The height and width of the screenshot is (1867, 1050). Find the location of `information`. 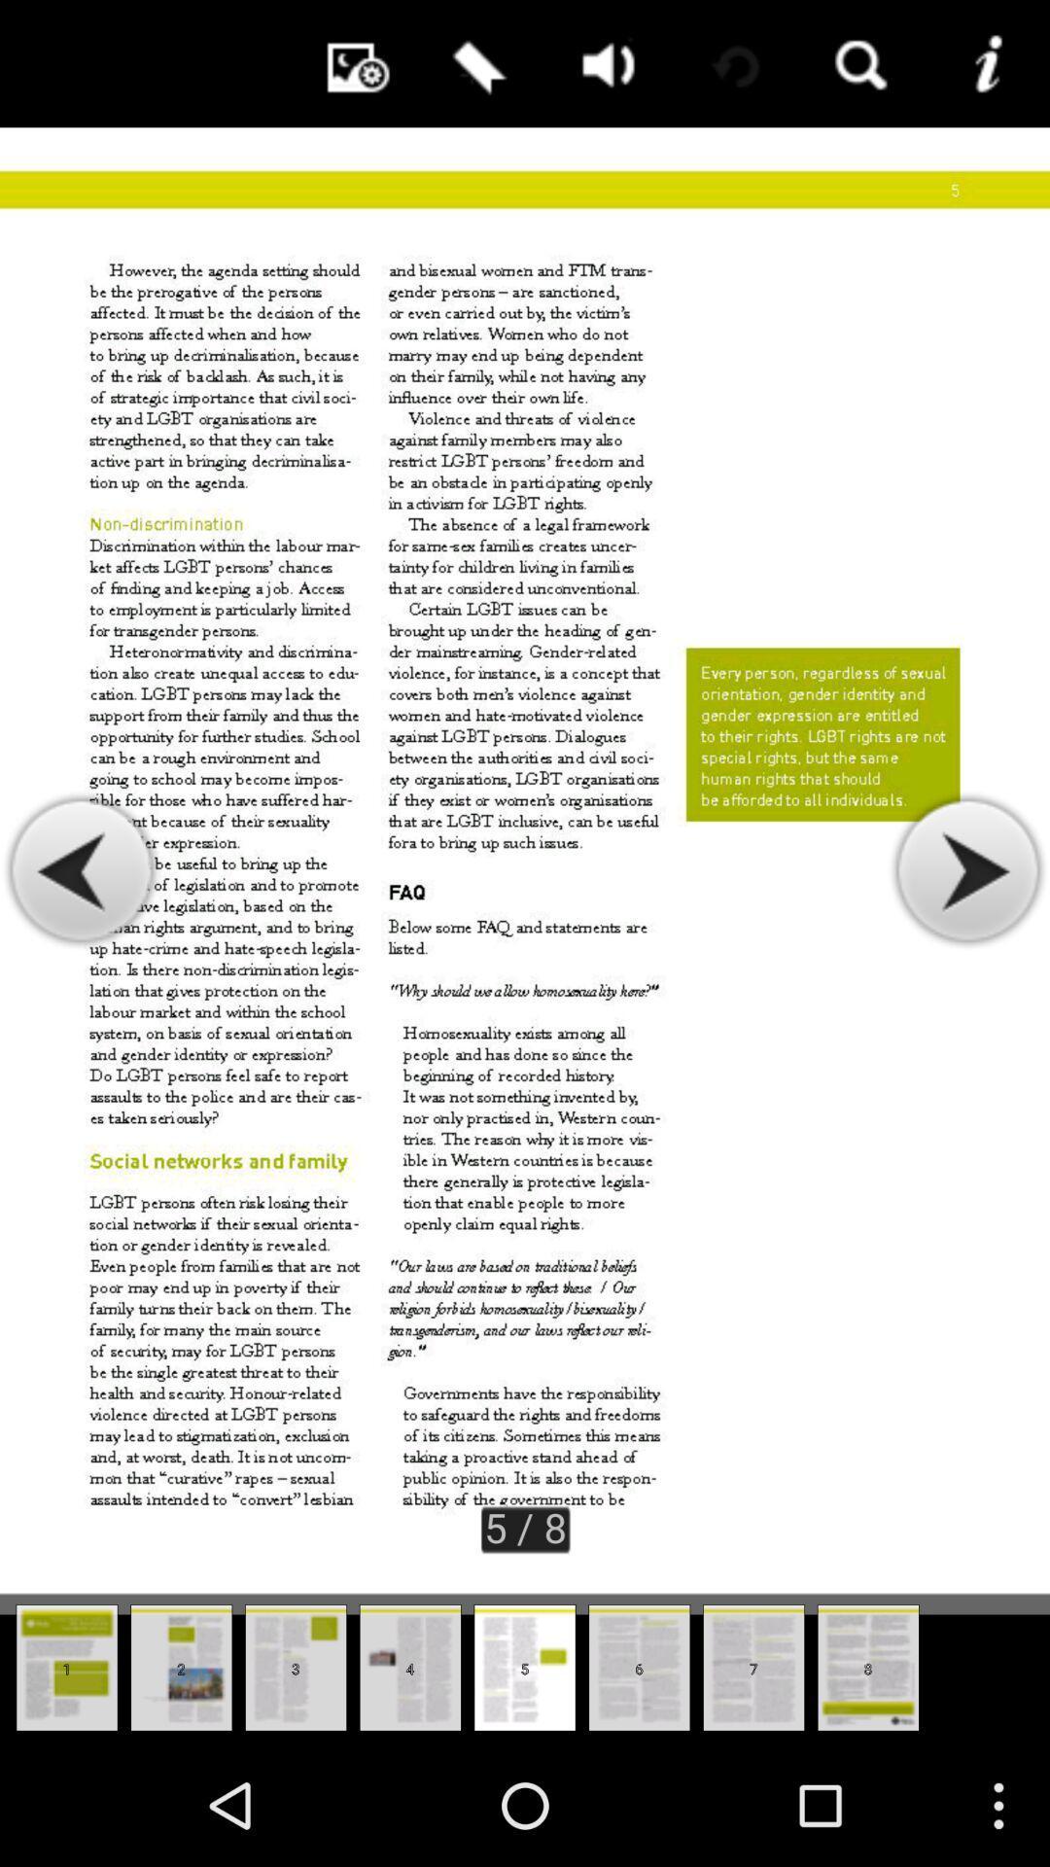

information is located at coordinates (986, 63).